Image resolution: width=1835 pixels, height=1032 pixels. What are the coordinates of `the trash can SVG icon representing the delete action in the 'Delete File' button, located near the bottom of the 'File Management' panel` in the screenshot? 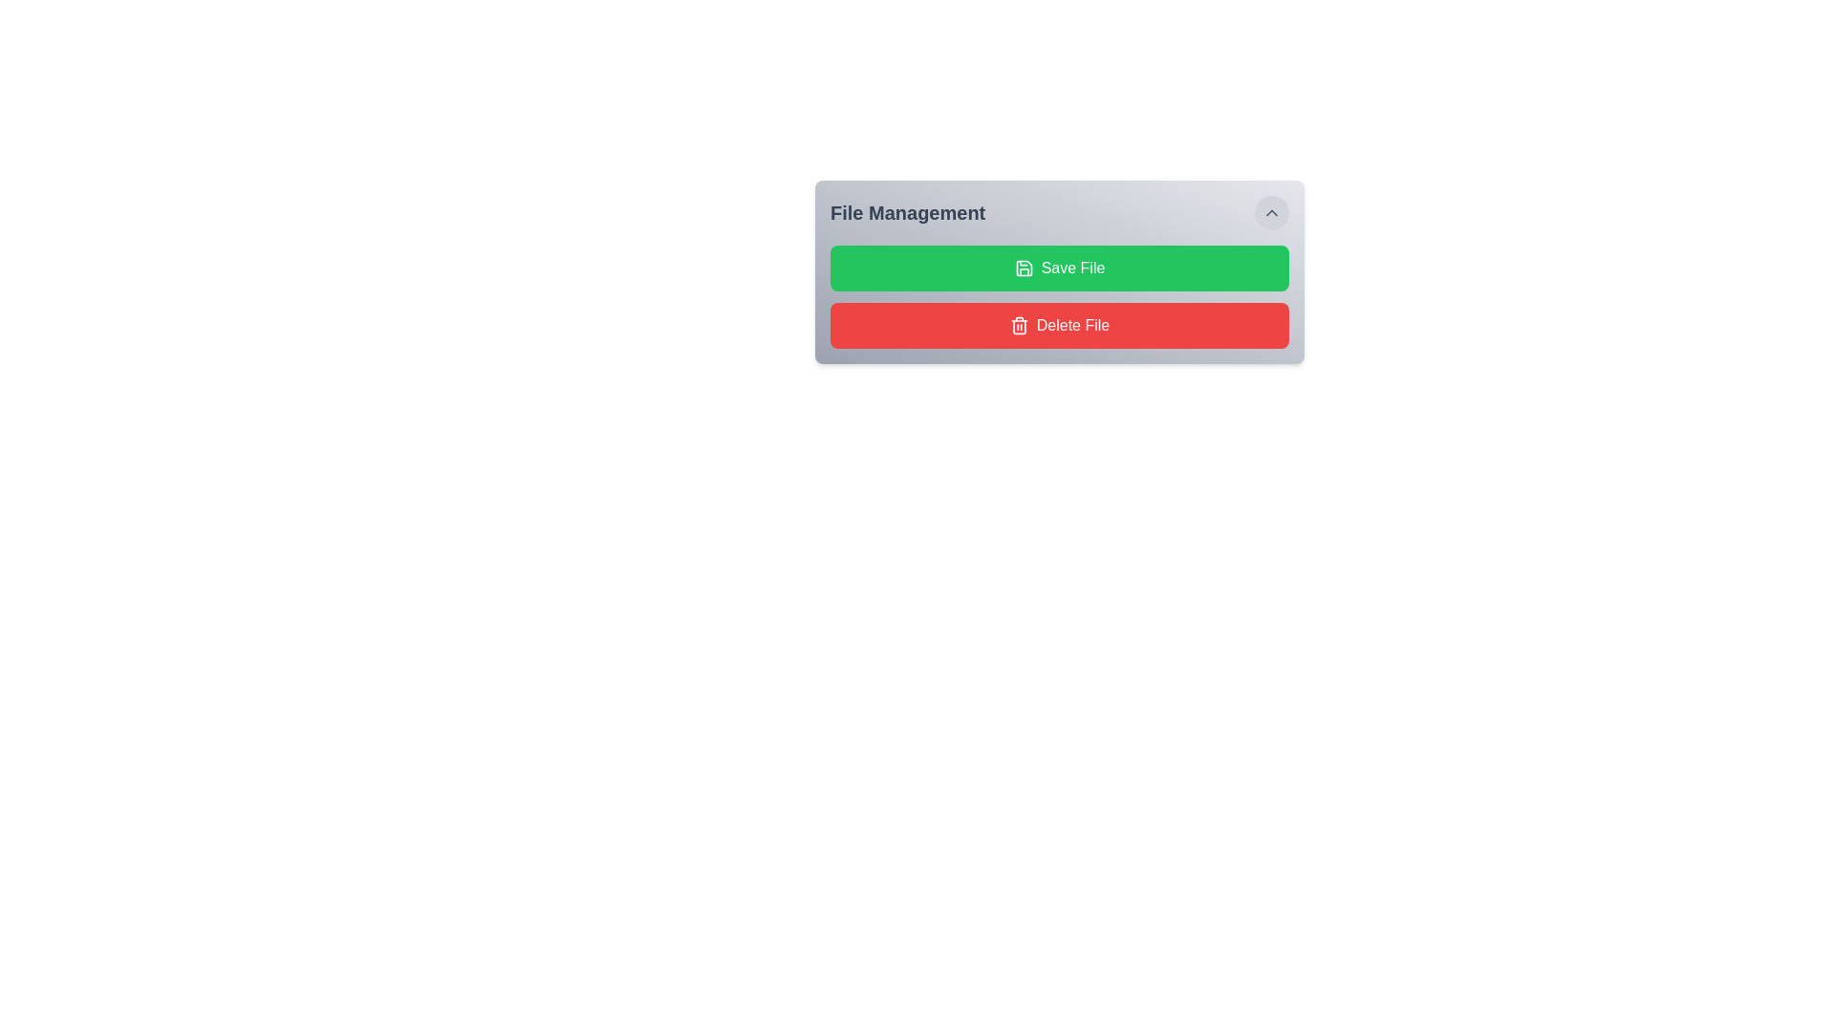 It's located at (1018, 324).